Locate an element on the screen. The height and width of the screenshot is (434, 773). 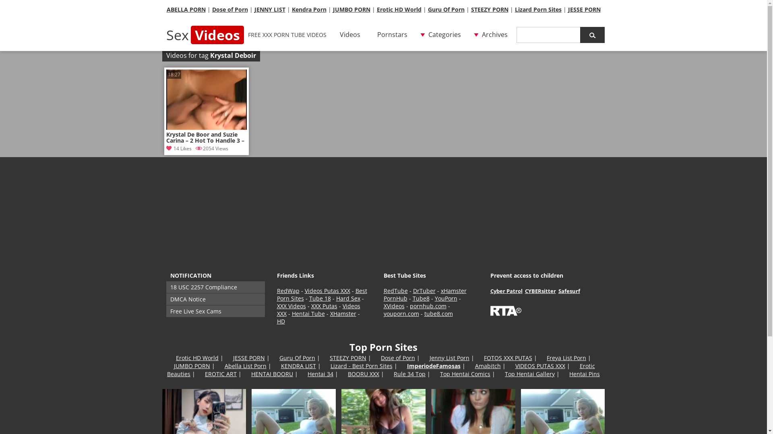
'18 USC 2257 Compliance' is located at coordinates (215, 287).